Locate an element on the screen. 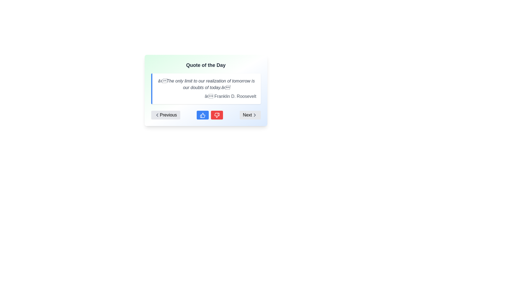 This screenshot has width=526, height=296. the Text Display element that presents a motivational quote, positioned above the attribution text for Franklin D. Roosevelt in the 'Quote of the Day' panel is located at coordinates (206, 84).